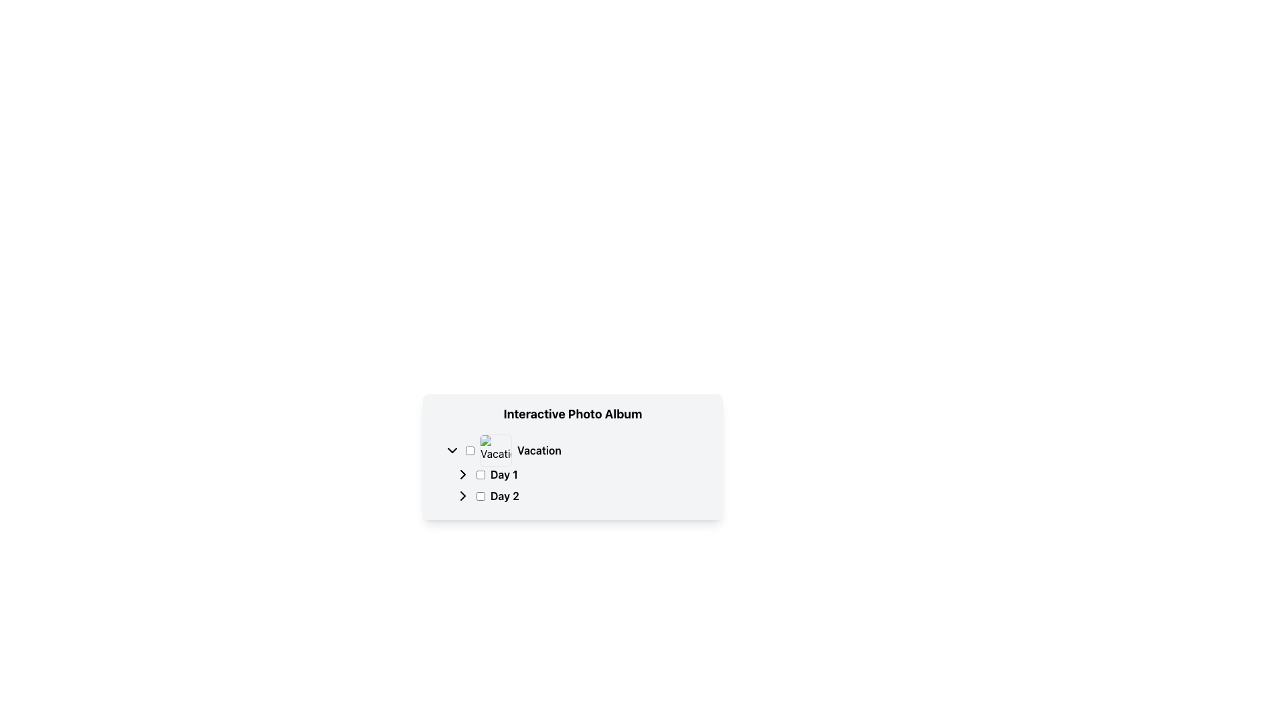  What do you see at coordinates (452, 450) in the screenshot?
I see `the Dropdown toggle button for the 'Vacation' section to trigger any hover effects` at bounding box center [452, 450].